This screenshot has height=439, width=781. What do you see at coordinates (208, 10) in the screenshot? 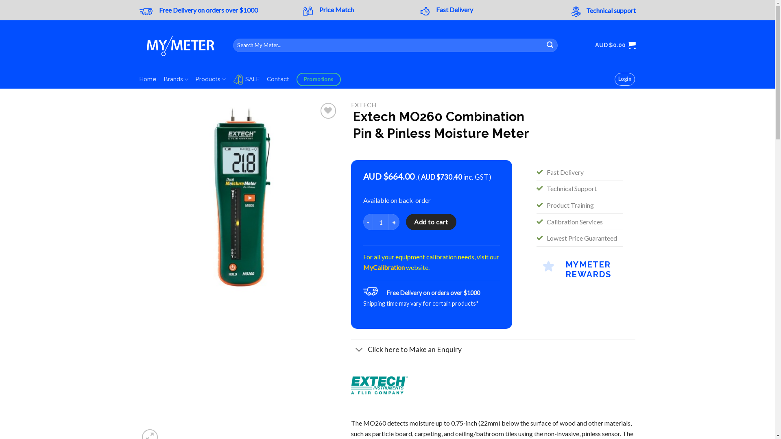
I see `'Free Delivery on orders over $1000'` at bounding box center [208, 10].